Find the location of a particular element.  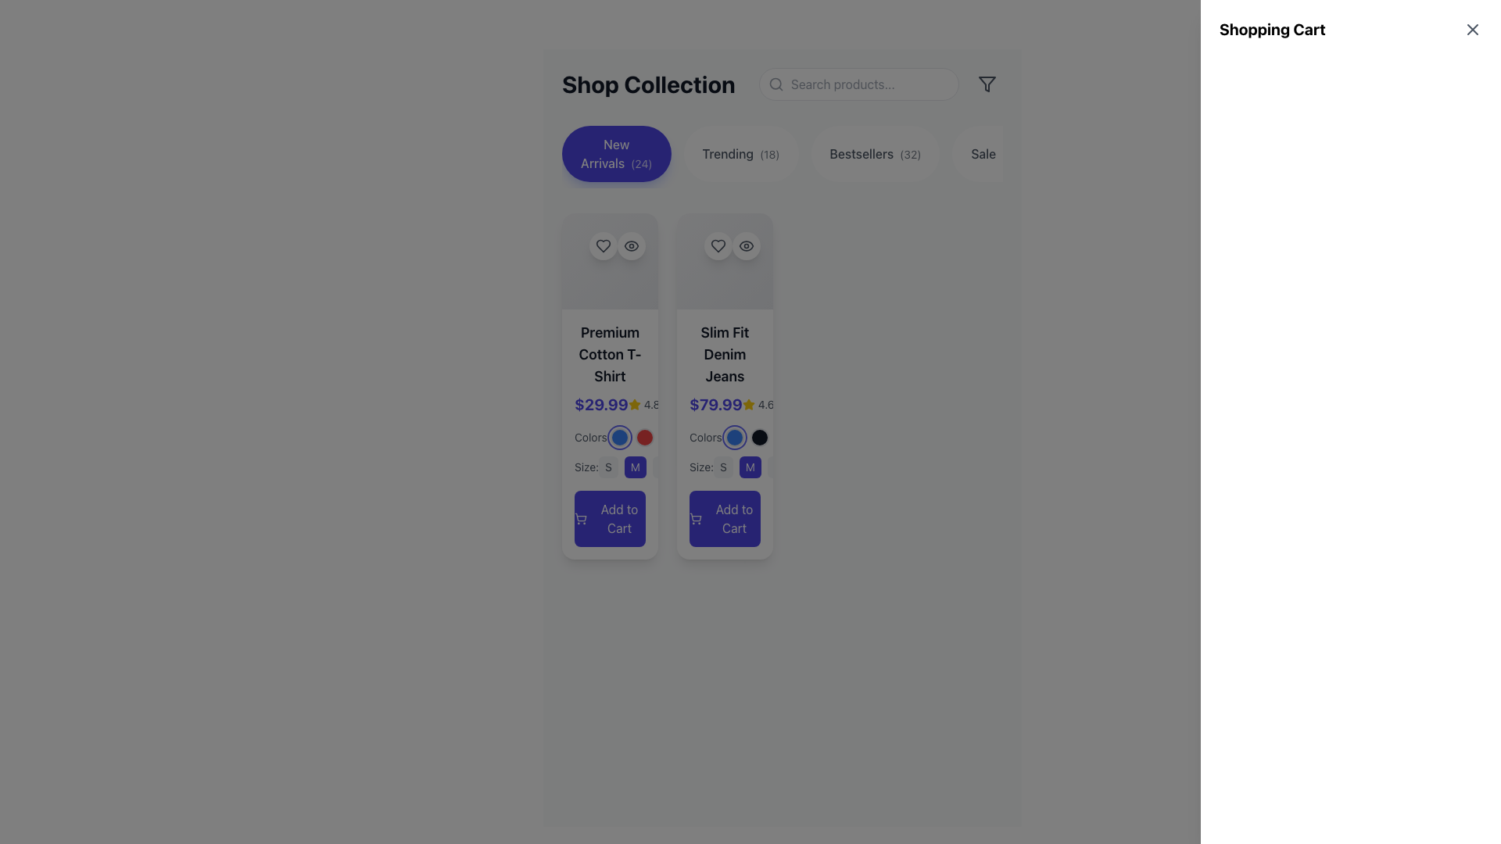

properties of the circular component that is part of the magnifying glass icon within the search bar located at the top center-right of the interface is located at coordinates (776, 84).